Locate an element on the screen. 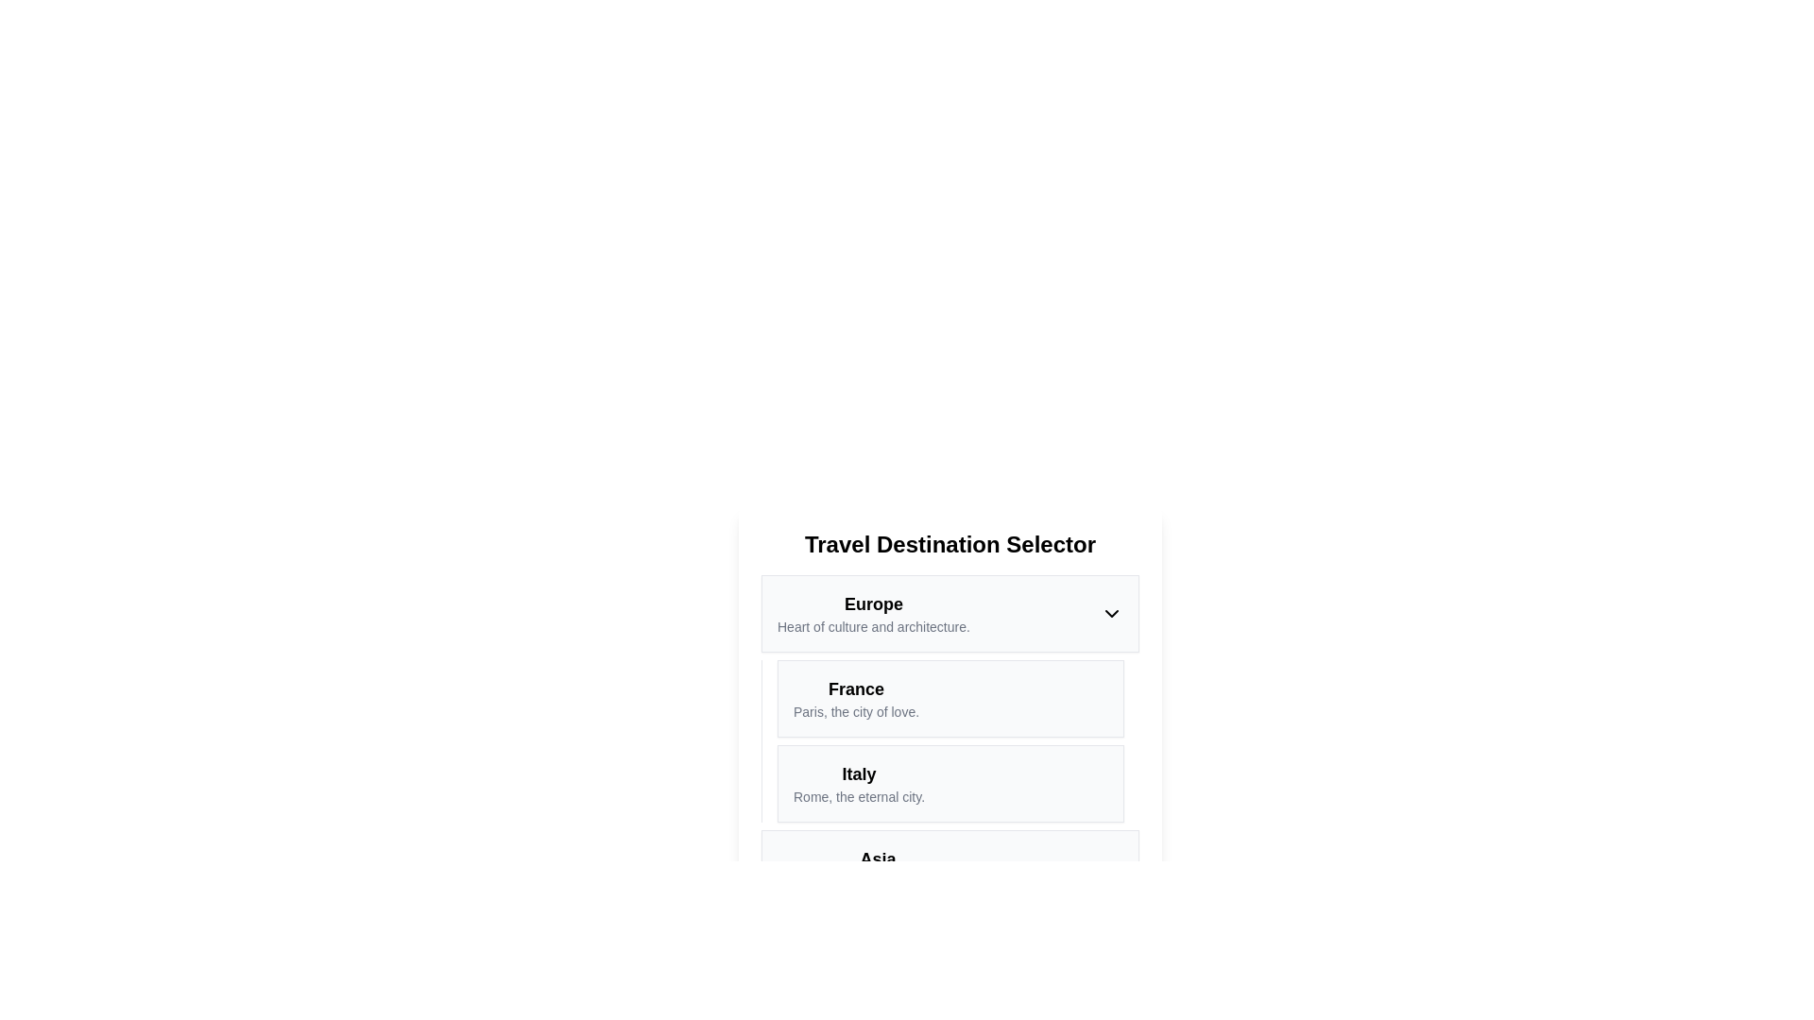 The width and height of the screenshot is (1814, 1020). textual information from the text block presenting the title 'France' and its subtitle in the travel destination selection interface, located between 'Europe' and 'Italy' is located at coordinates (855, 699).